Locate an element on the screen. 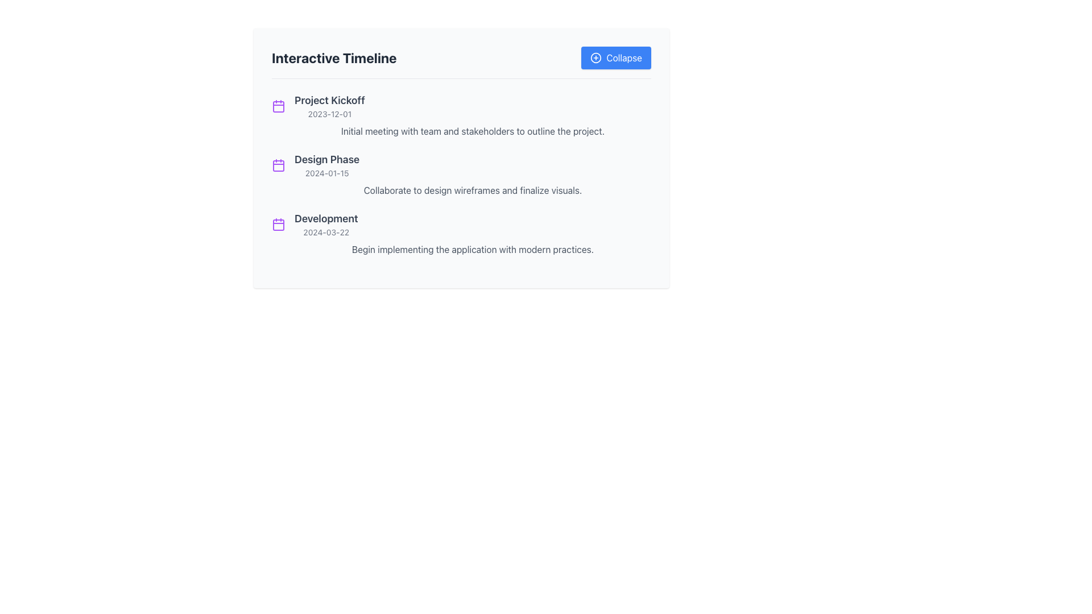 The height and width of the screenshot is (614, 1092). the text label displaying 'Development' in bold, large, dark-gray font located under the 'Interactive Timeline' heading is located at coordinates (325, 219).